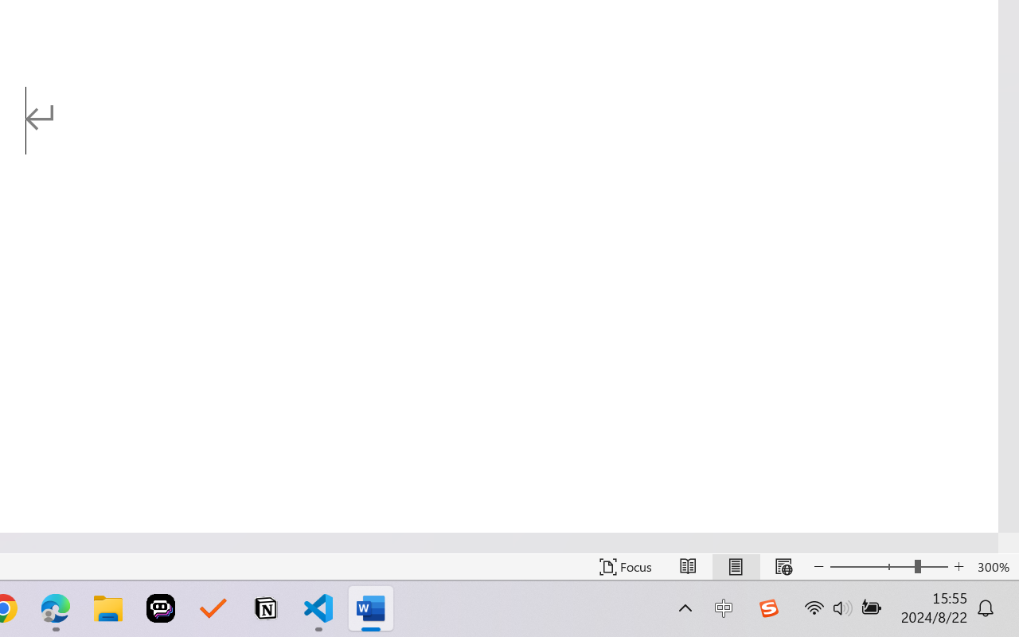 The image size is (1019, 637). I want to click on 'Print Layout', so click(735, 566).